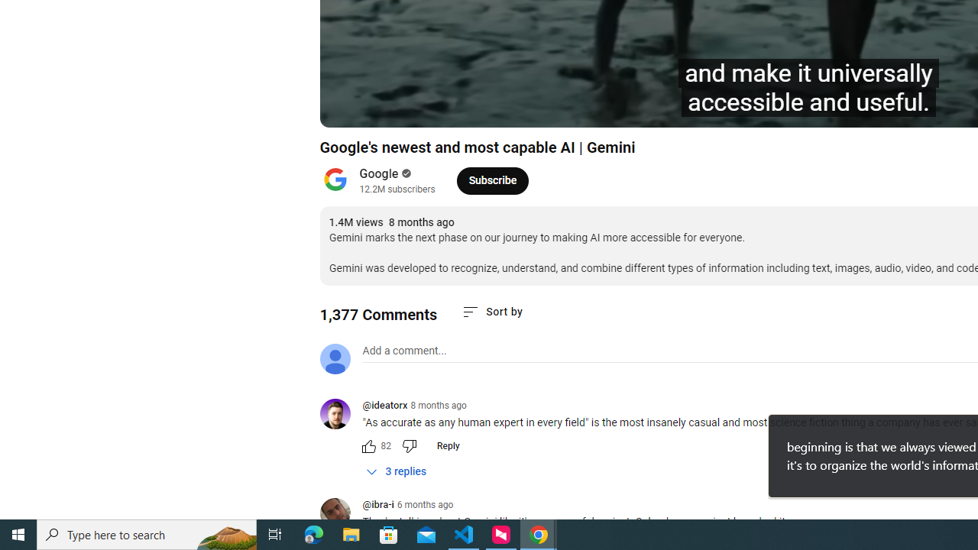  What do you see at coordinates (438, 405) in the screenshot?
I see `'8 months ago'` at bounding box center [438, 405].